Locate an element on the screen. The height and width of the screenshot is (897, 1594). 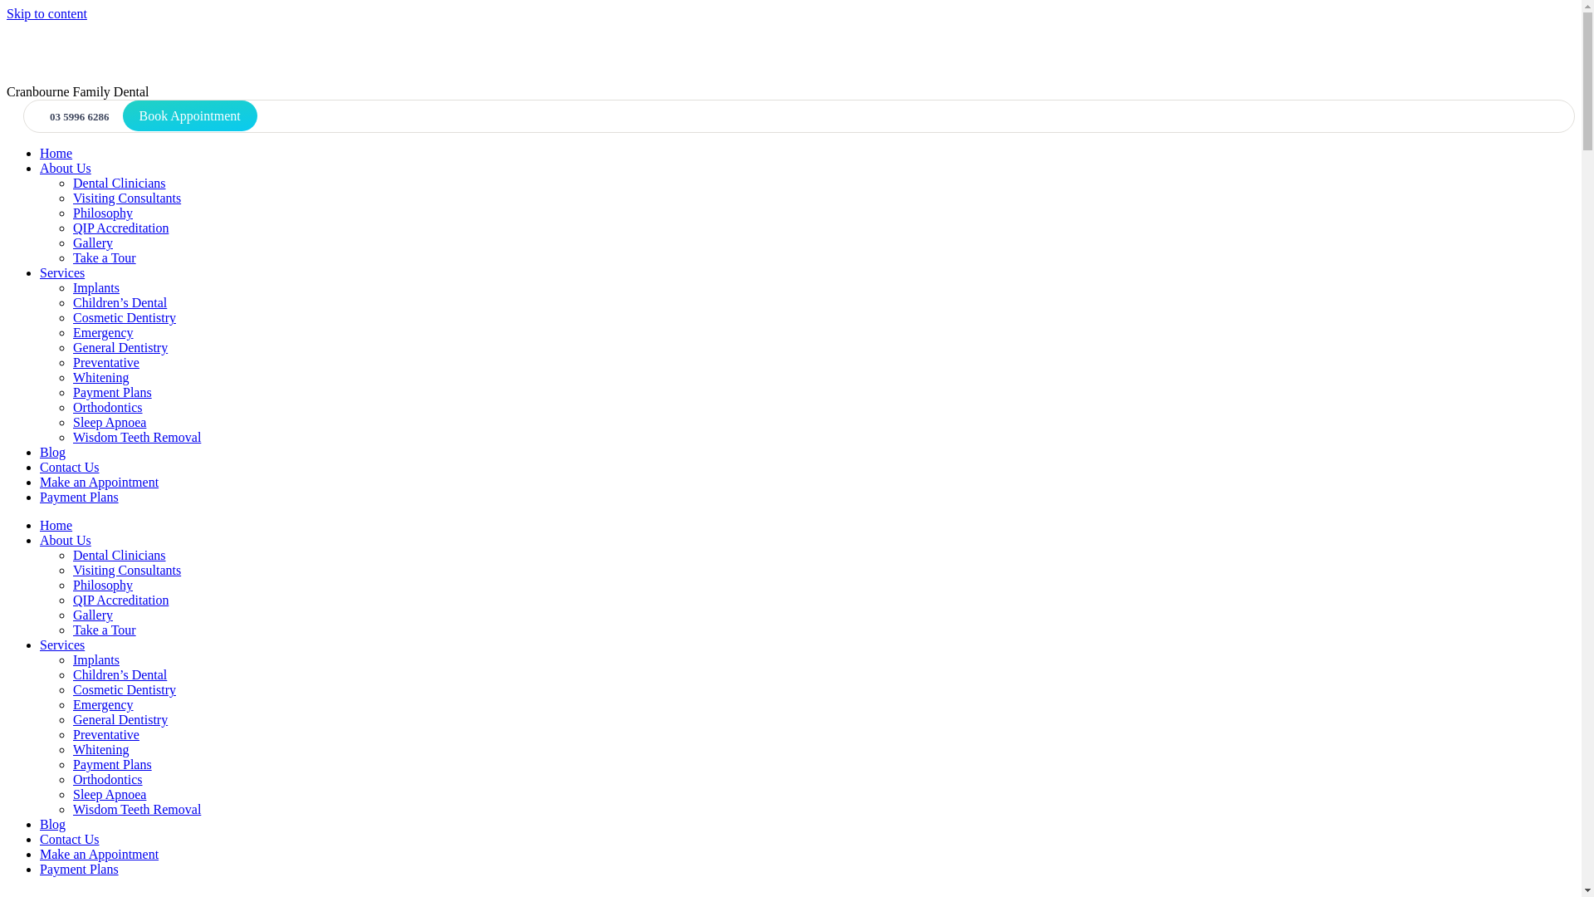
'Cosmetic Dentistry' is located at coordinates (123, 317).